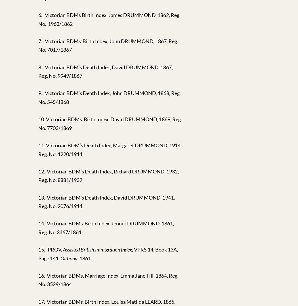  I want to click on '16.  Victorian BDMs, Marriage Index, Emma Jane Till, 1864, Reg. No. 3529/1864', so click(108, 280).